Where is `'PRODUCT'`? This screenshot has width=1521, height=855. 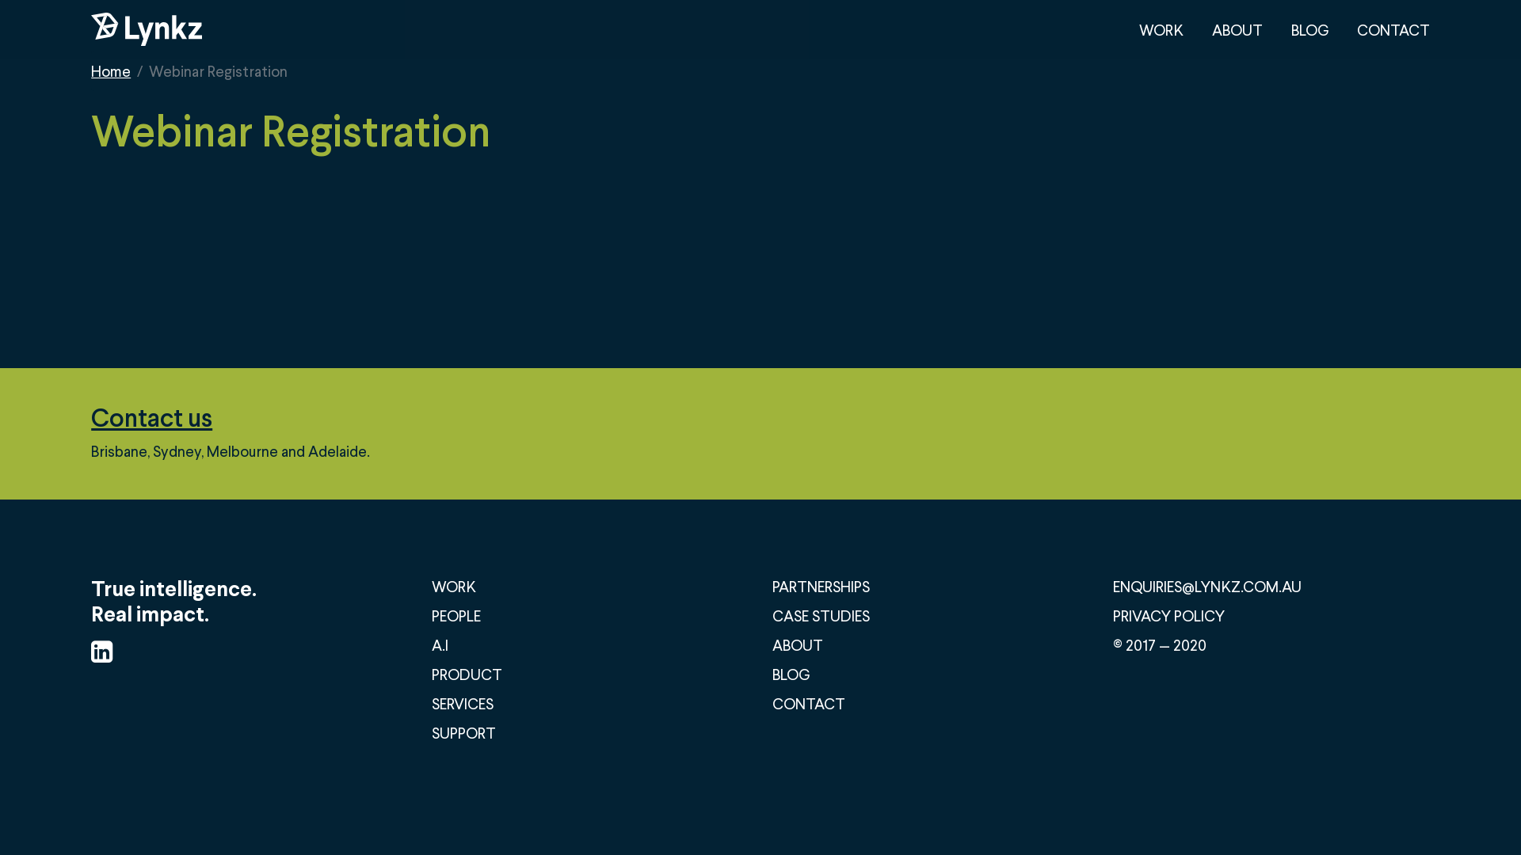 'PRODUCT' is located at coordinates (466, 674).